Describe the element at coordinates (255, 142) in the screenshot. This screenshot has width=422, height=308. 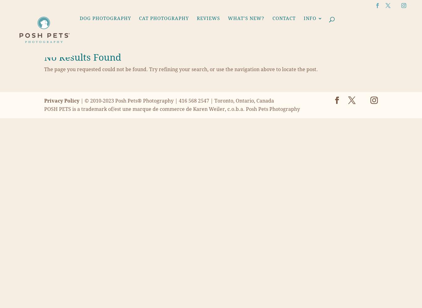
I see `'Posh Pets Studio™'` at that location.